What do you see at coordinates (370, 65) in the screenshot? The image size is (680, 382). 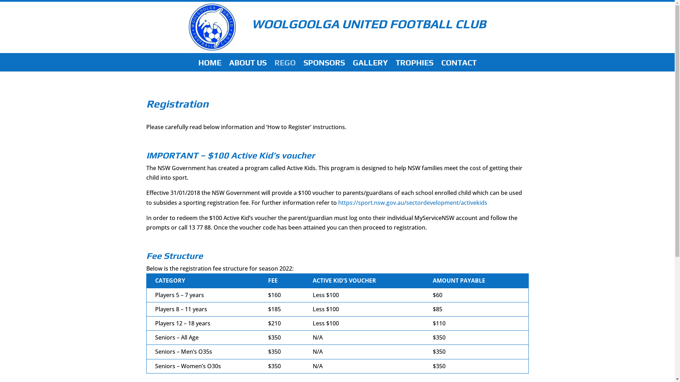 I see `'GALLERY'` at bounding box center [370, 65].